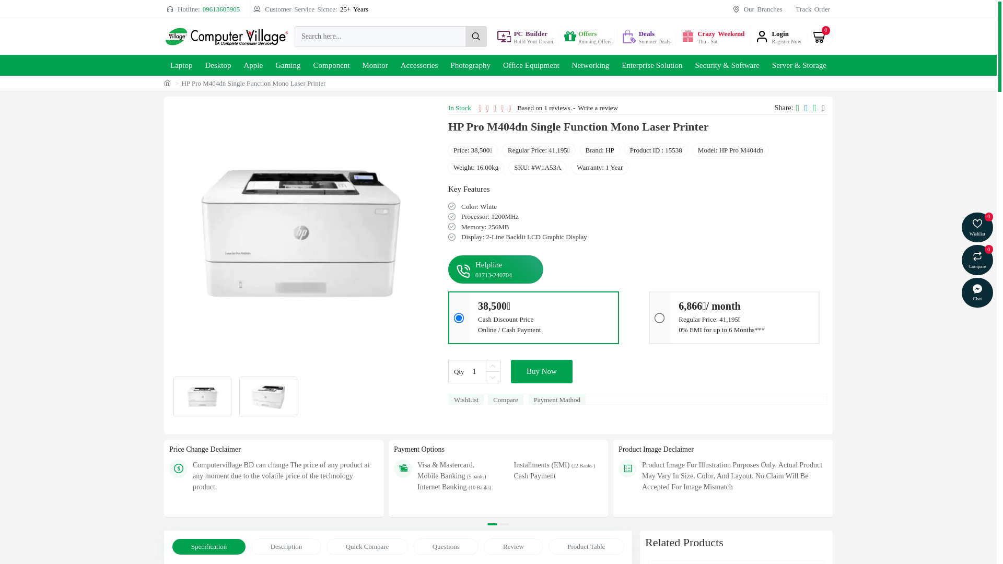  I want to click on 'Login, so click(749, 36).